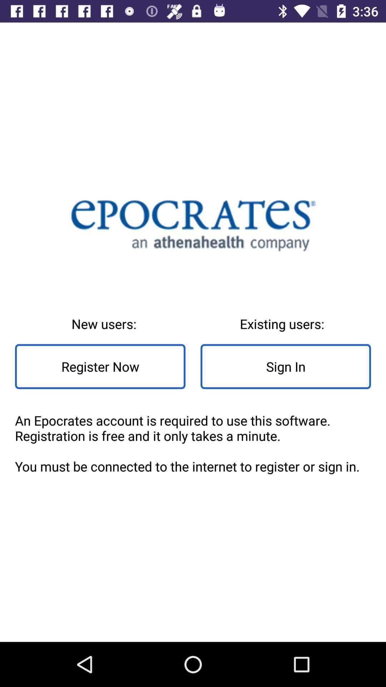 The width and height of the screenshot is (386, 687). I want to click on register now, so click(100, 366).